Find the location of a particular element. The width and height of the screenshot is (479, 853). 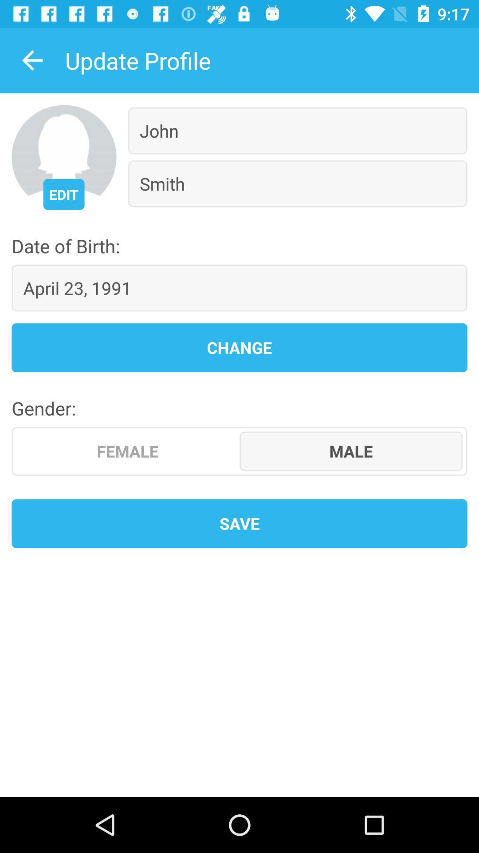

the change icon is located at coordinates (239, 347).